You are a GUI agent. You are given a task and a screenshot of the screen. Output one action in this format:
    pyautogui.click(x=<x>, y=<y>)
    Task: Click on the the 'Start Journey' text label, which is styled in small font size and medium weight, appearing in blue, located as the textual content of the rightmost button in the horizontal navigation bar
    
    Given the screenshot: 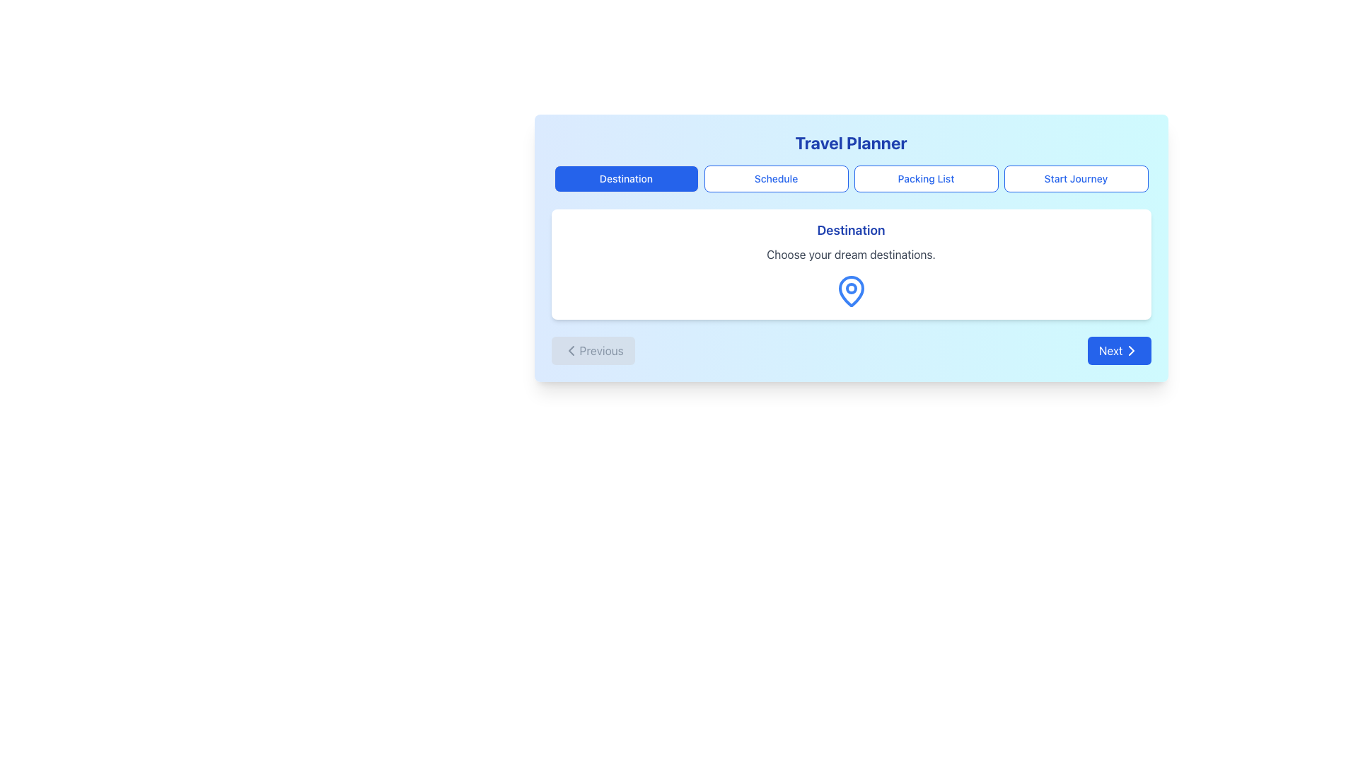 What is the action you would take?
    pyautogui.click(x=1075, y=178)
    